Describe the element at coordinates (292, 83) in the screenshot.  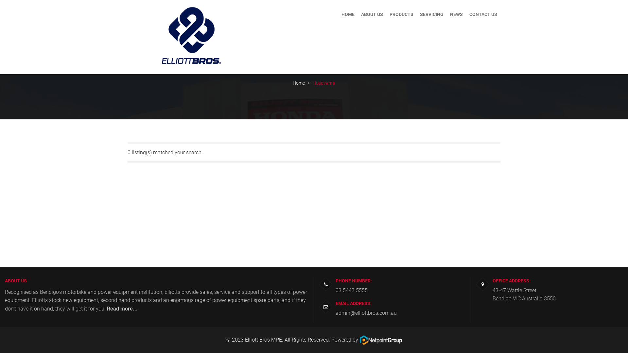
I see `'Home'` at that location.